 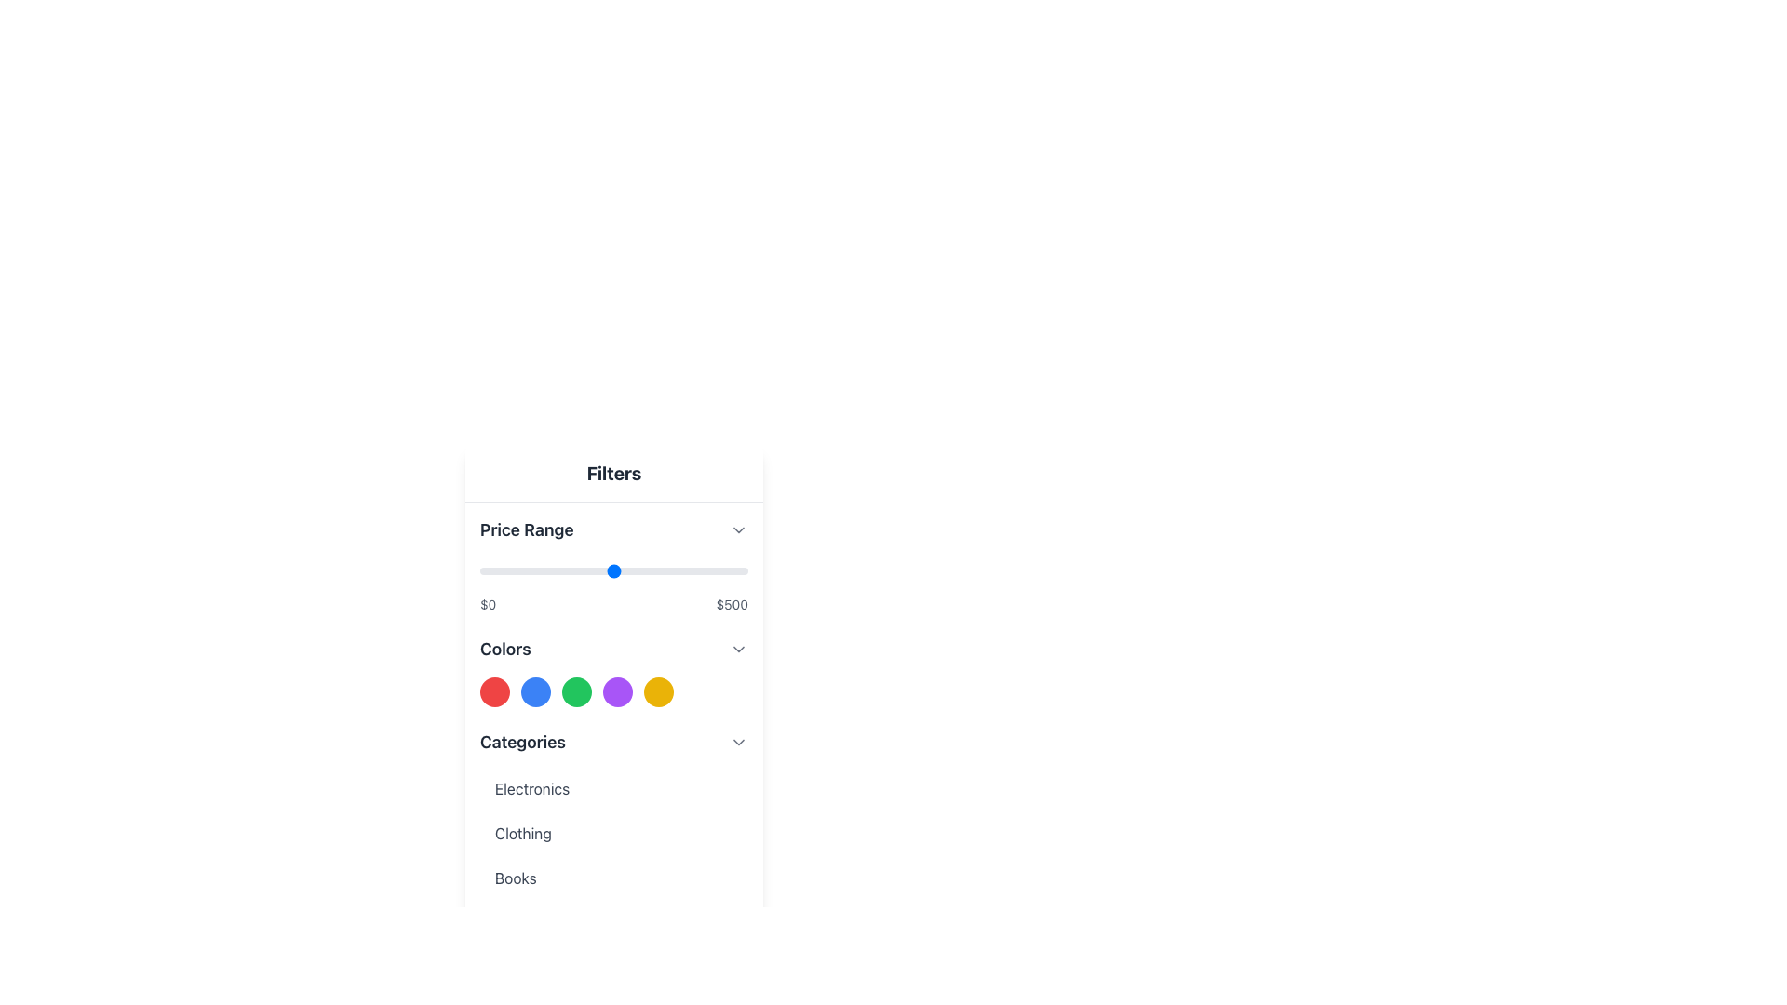 What do you see at coordinates (598, 569) in the screenshot?
I see `the slider` at bounding box center [598, 569].